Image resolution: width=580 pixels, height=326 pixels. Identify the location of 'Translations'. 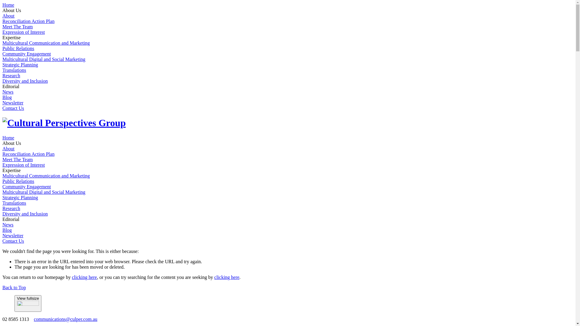
(14, 203).